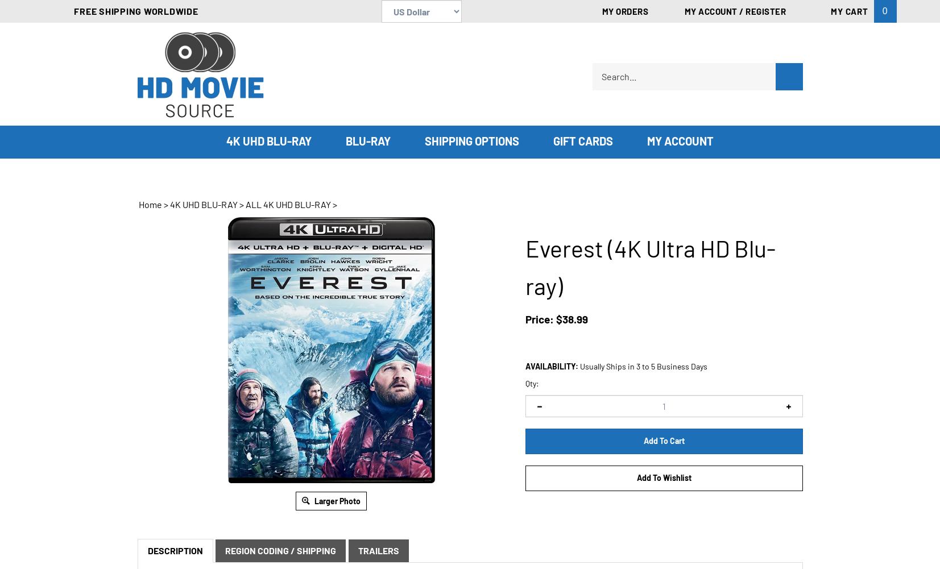 Image resolution: width=940 pixels, height=569 pixels. Describe the element at coordinates (336, 500) in the screenshot. I see `'Larger Photo'` at that location.